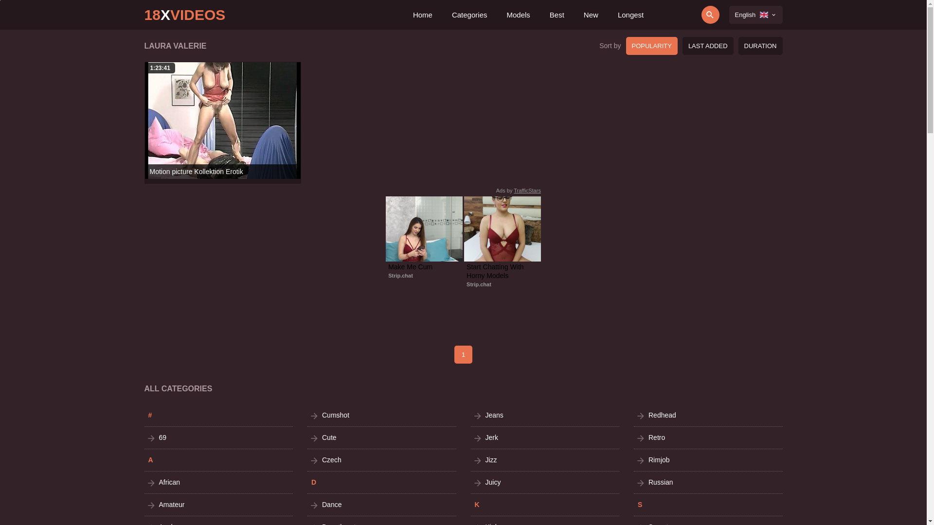  Describe the element at coordinates (424, 266) in the screenshot. I see `'Make Me Cum'` at that location.